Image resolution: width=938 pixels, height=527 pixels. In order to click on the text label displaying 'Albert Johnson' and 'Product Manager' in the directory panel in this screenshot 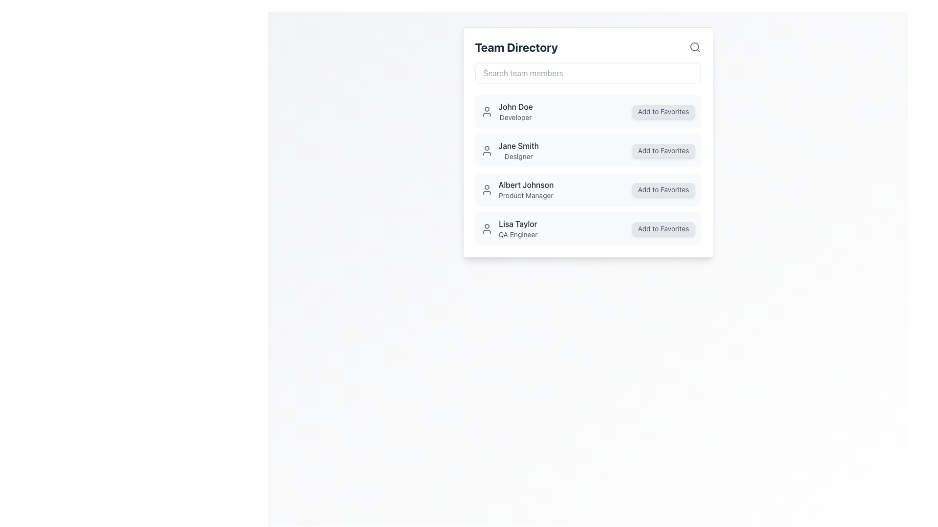, I will do `click(525, 190)`.